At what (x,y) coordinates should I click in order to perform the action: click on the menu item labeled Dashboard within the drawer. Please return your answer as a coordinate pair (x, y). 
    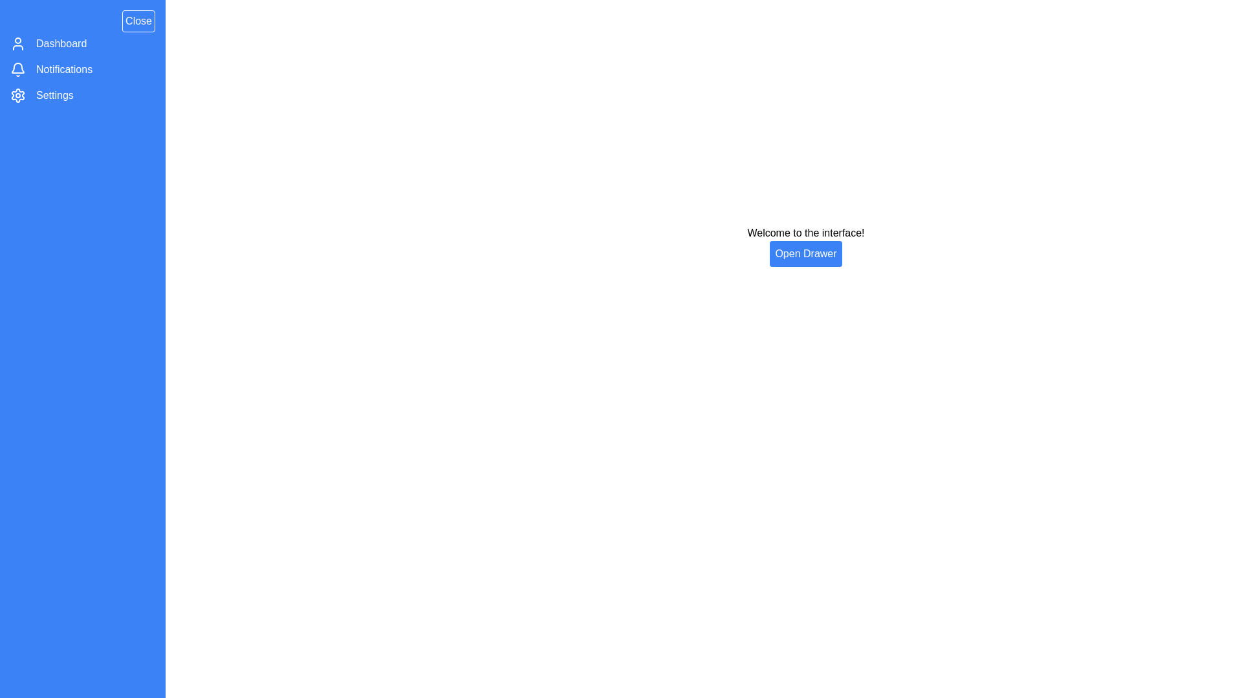
    Looking at the image, I should click on (61, 43).